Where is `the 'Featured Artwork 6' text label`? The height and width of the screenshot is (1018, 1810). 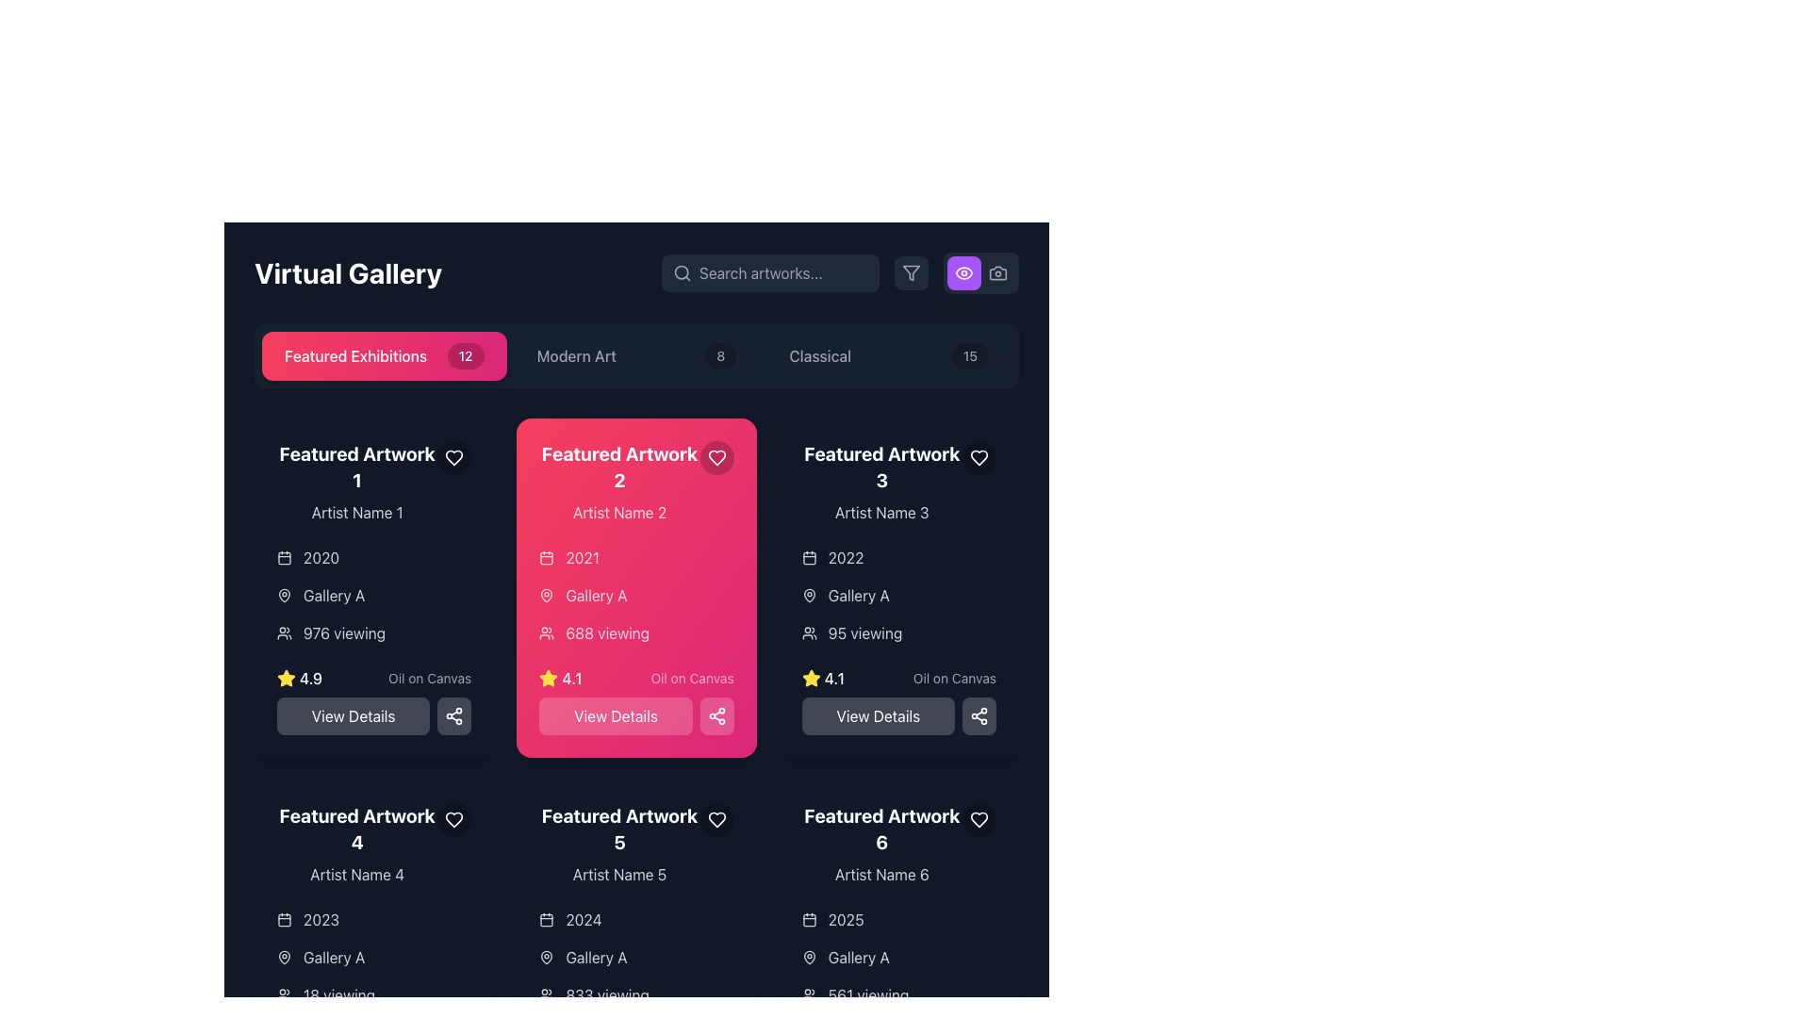 the 'Featured Artwork 6' text label is located at coordinates (880, 843).